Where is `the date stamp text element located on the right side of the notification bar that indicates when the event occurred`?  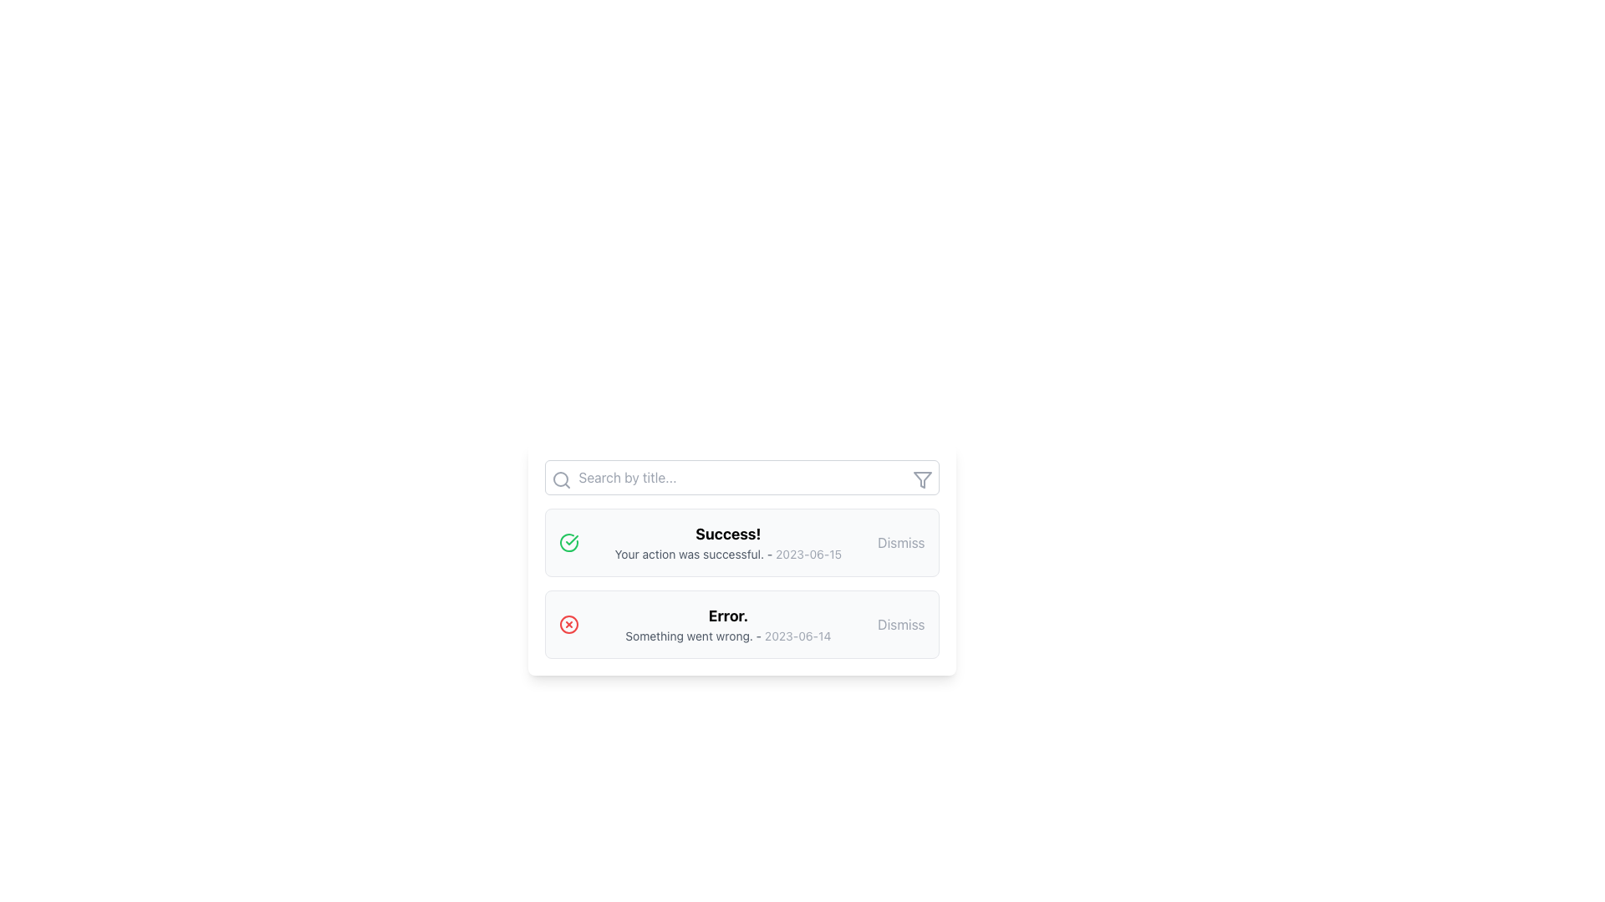 the date stamp text element located on the right side of the notification bar that indicates when the event occurred is located at coordinates (797, 636).